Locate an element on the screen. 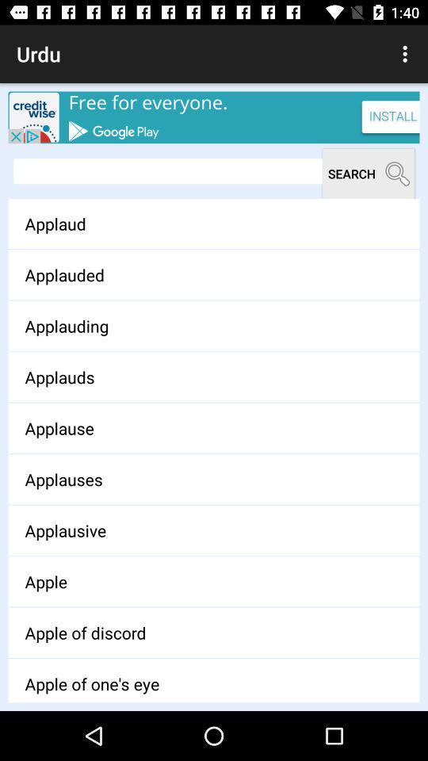 The height and width of the screenshot is (761, 428). install credit wise is located at coordinates (214, 117).